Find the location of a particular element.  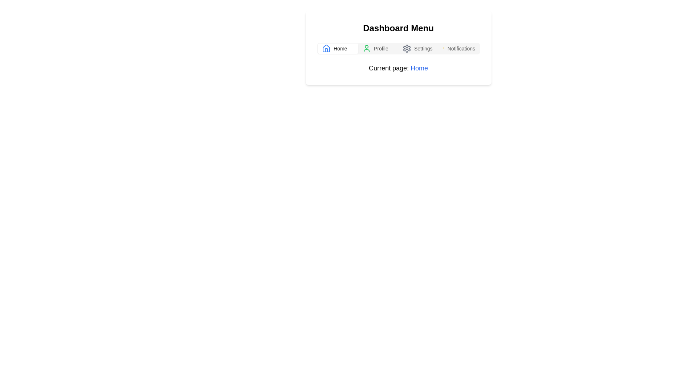

the third tab in the navigation bar labeled 'Settings' is located at coordinates (418, 49).